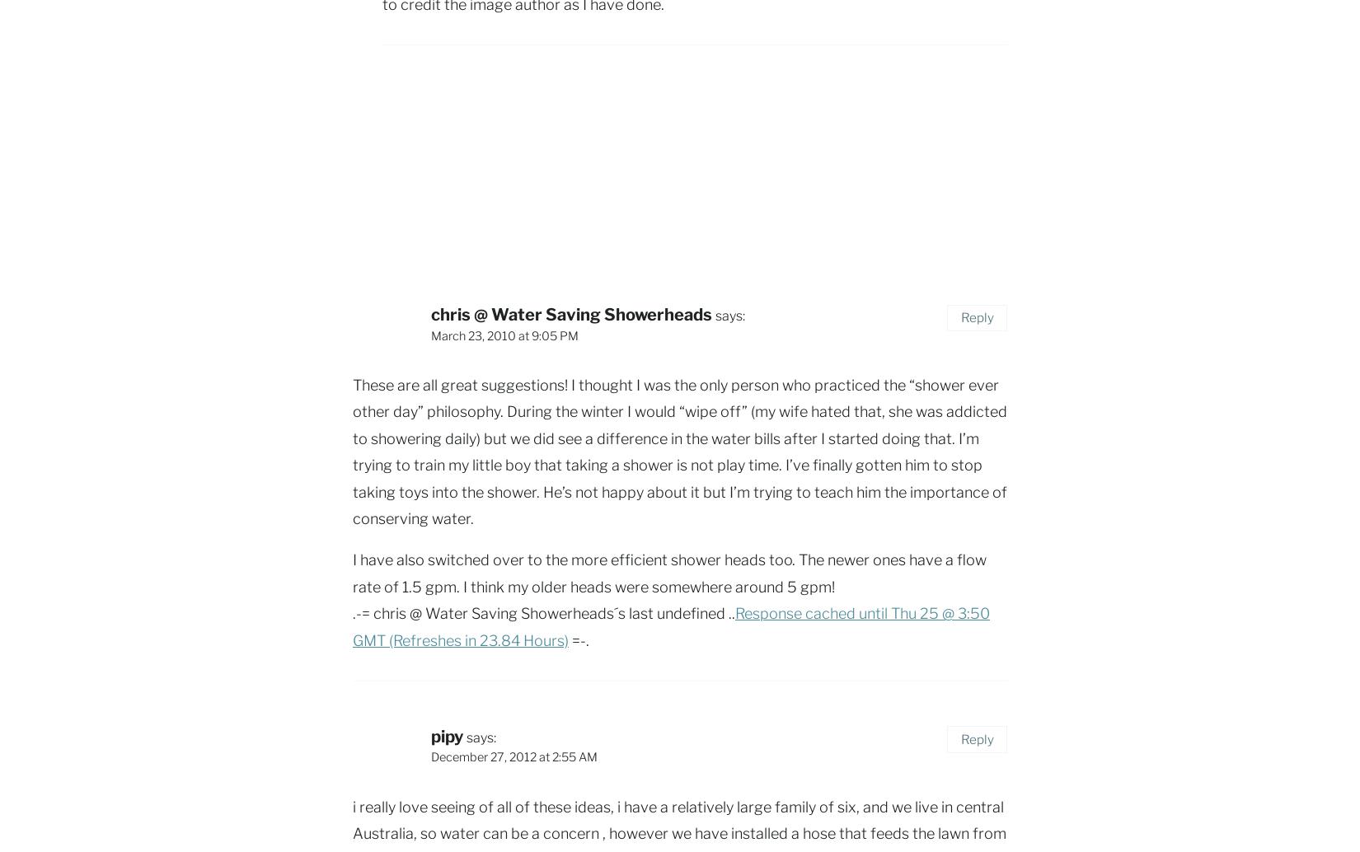  What do you see at coordinates (578, 639) in the screenshot?
I see `'=-.'` at bounding box center [578, 639].